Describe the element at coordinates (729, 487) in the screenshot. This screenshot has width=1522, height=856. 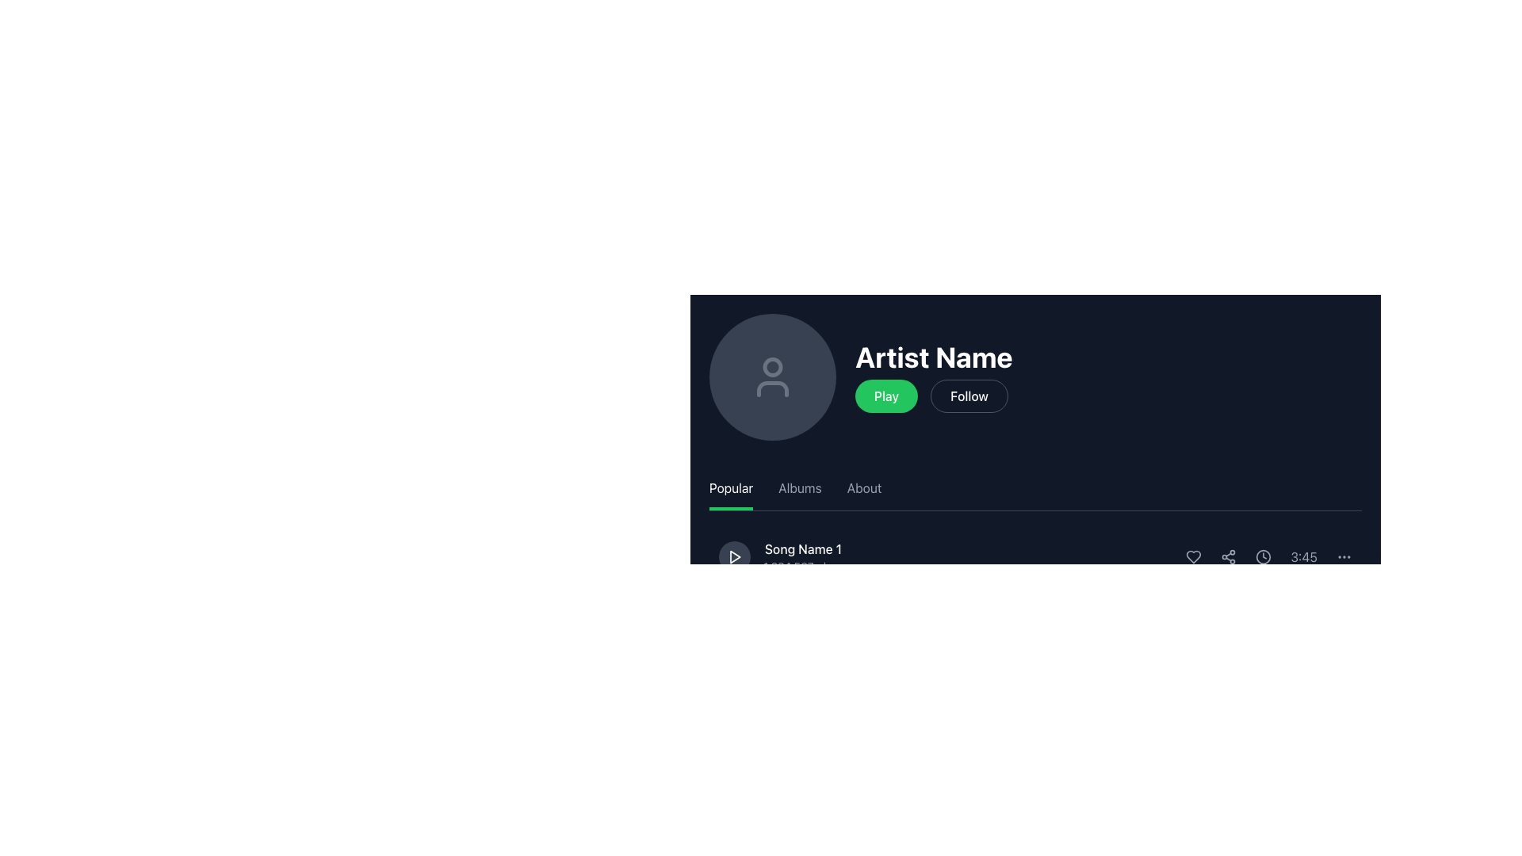
I see `the leftmost navigation link labeled 'Popular' in the horizontal navigation bar` at that location.